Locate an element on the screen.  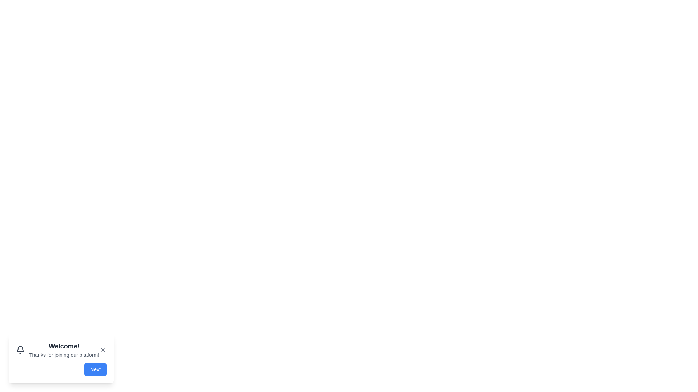
the 'Next' button to navigate to the next notification is located at coordinates (95, 369).